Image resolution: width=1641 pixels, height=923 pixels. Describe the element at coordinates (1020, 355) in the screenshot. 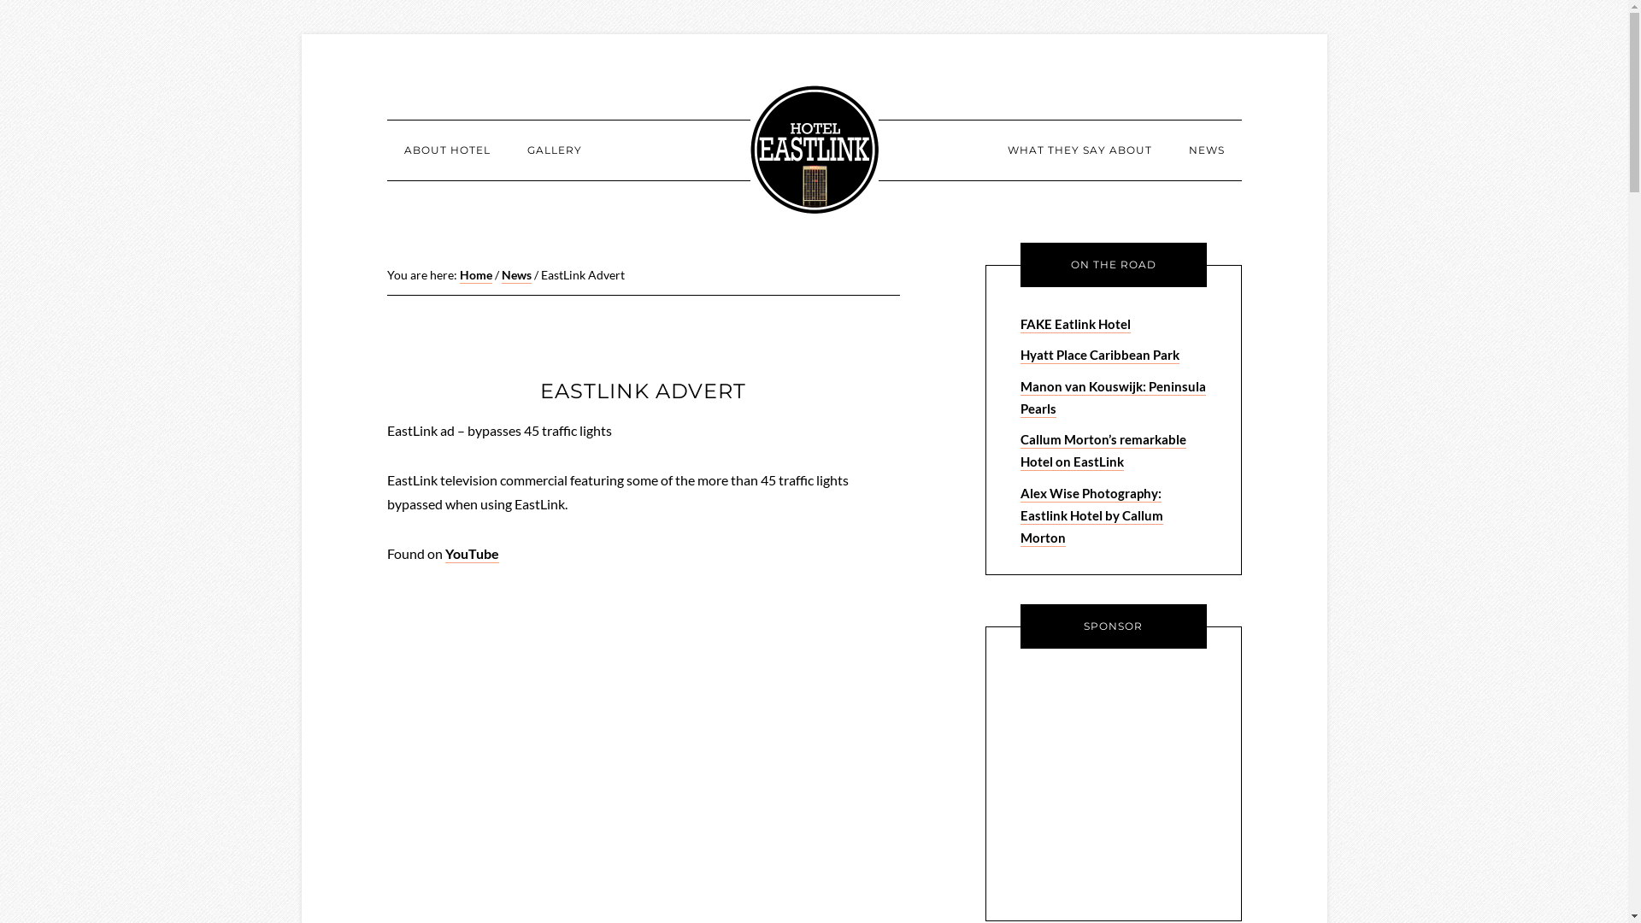

I see `'Hyatt Place Caribbean Park'` at that location.